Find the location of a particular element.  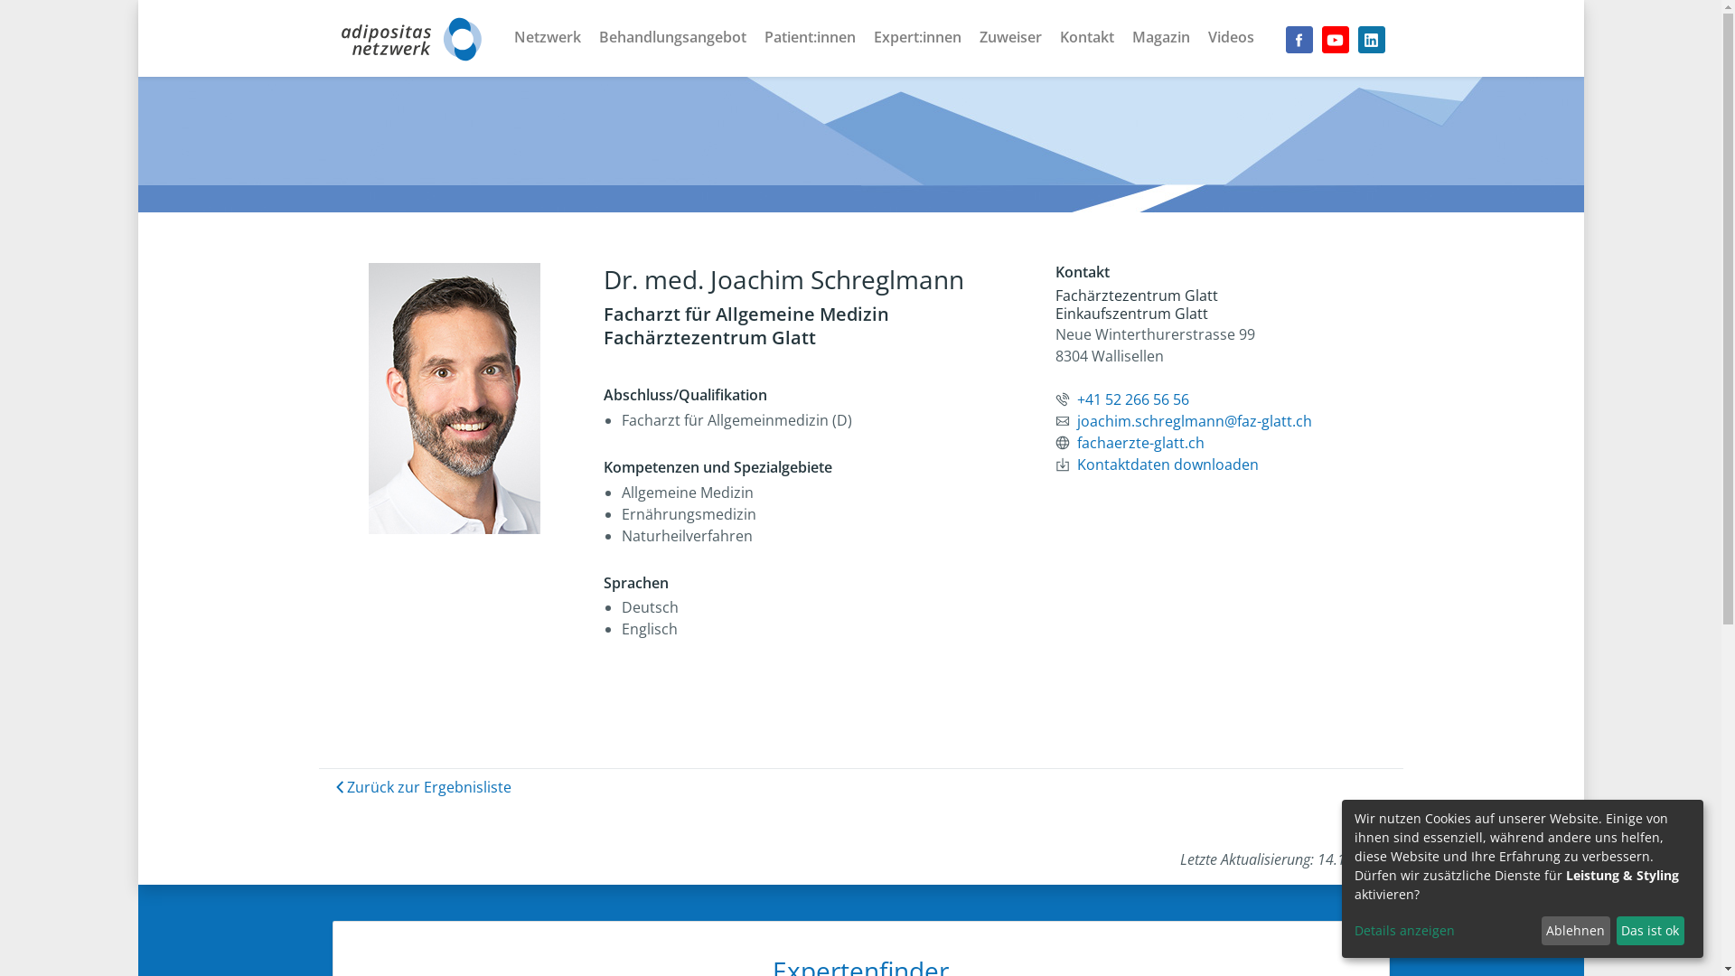

'Behandlungsangebot' is located at coordinates (671, 35).